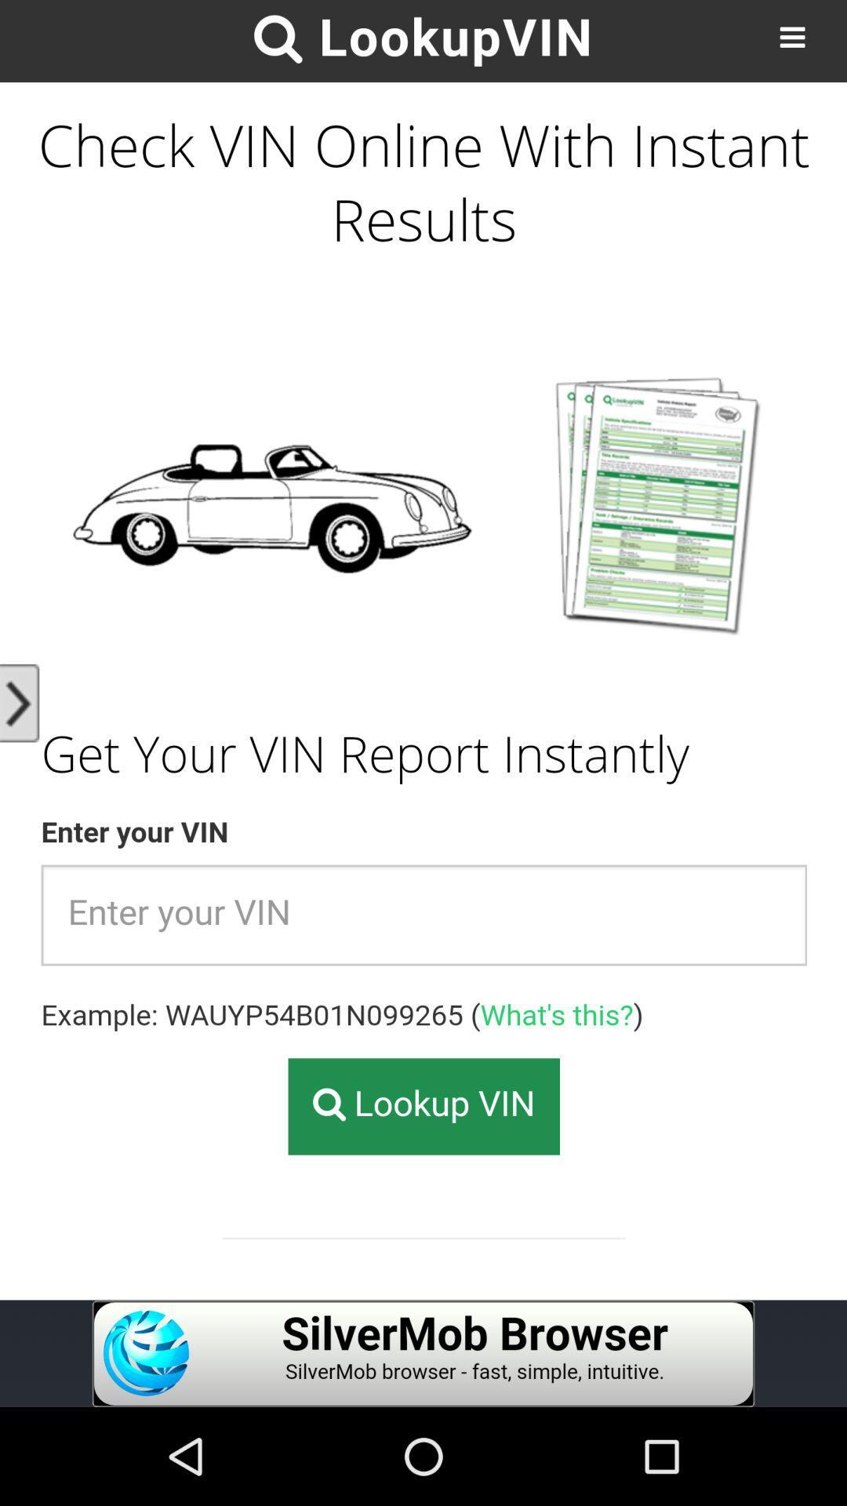 Image resolution: width=847 pixels, height=1506 pixels. Describe the element at coordinates (423, 1353) in the screenshot. I see `silvermob browser page` at that location.